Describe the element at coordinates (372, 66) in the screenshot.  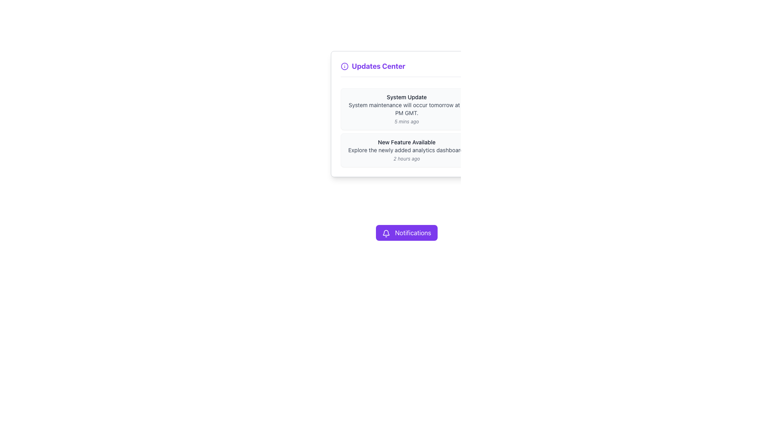
I see `the 'Updates Center' text label located at the top-left section of the notifications panel, which serves as a heading for the notifications` at that location.